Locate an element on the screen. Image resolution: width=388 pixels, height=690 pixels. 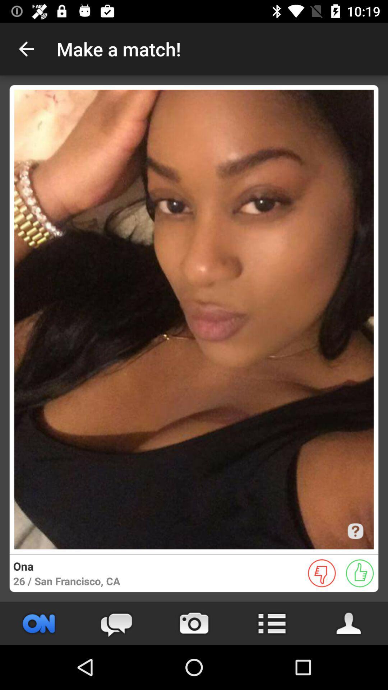
the sliders icon is located at coordinates (39, 623).